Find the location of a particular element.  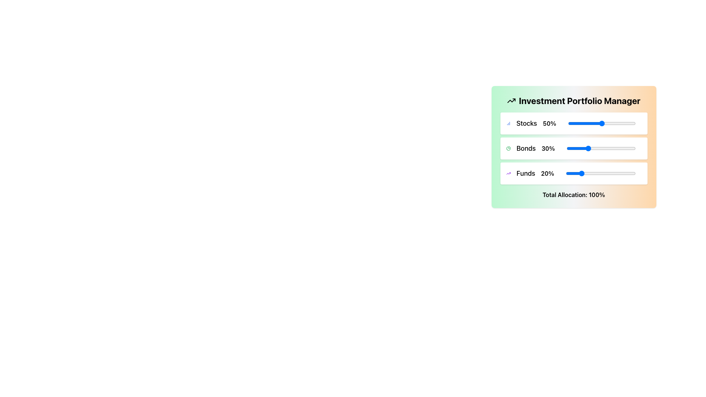

the 'Funds' allocation is located at coordinates (619, 173).